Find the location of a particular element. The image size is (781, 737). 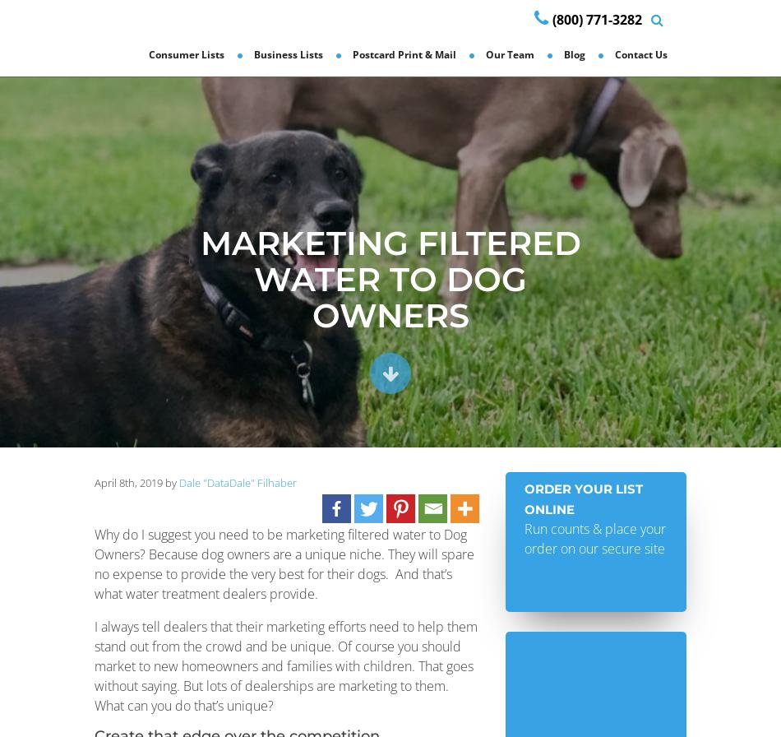

'Marketing Filtered Water to Dog Owners' is located at coordinates (389, 279).